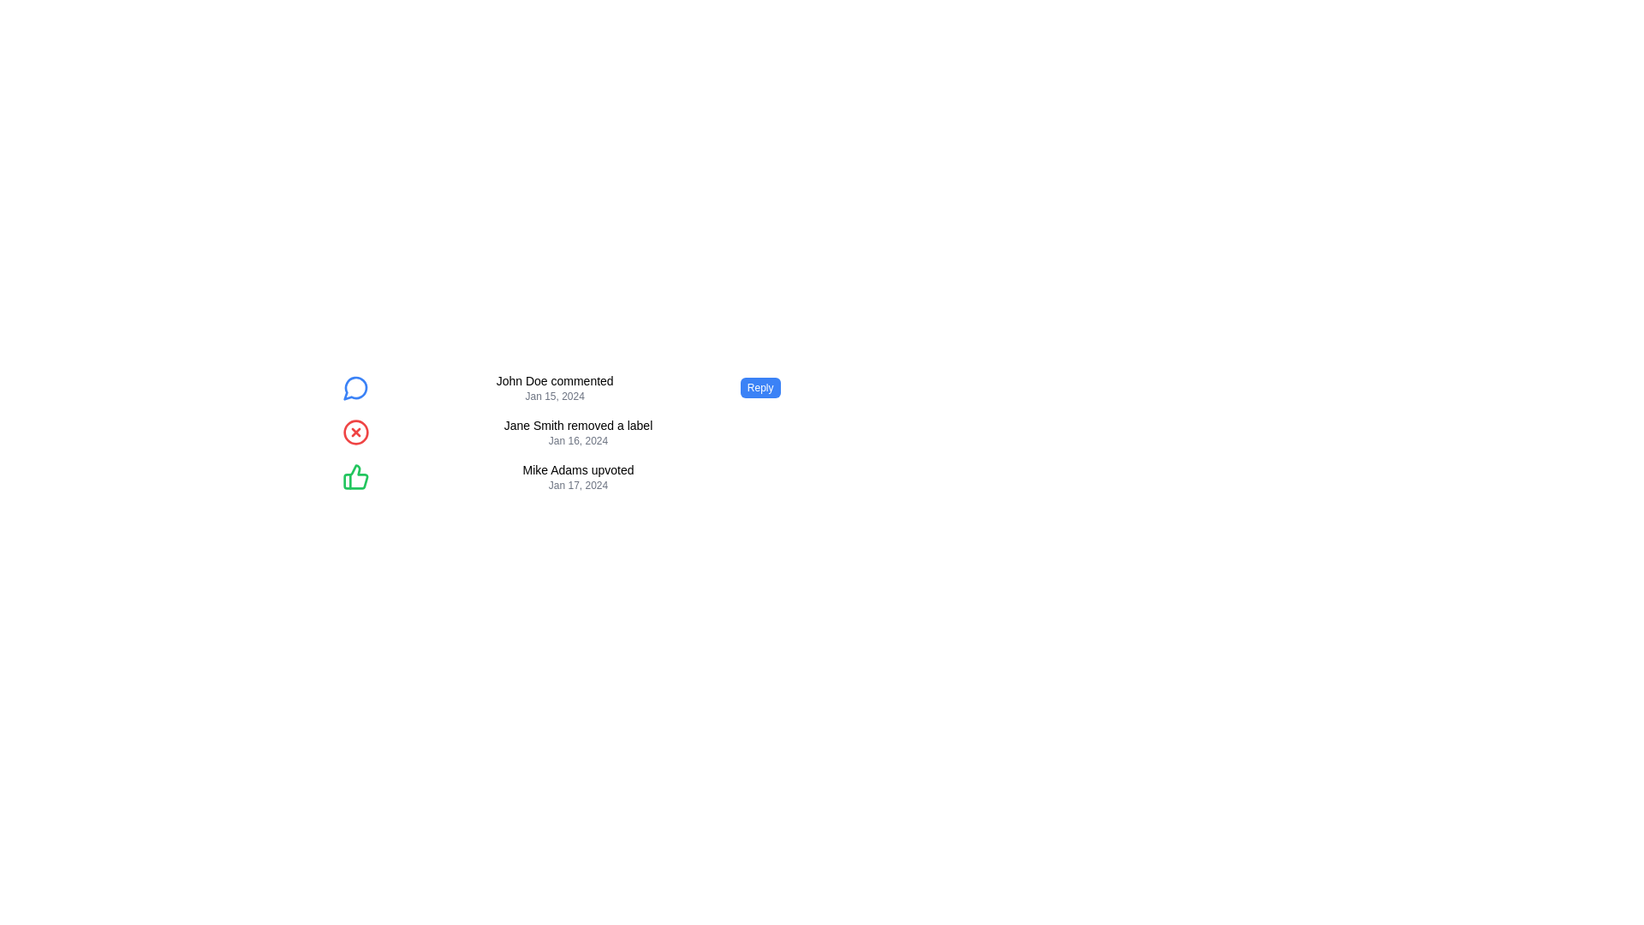 The width and height of the screenshot is (1644, 925). Describe the element at coordinates (555, 396) in the screenshot. I see `the timestamp text label located directly below 'John Doe commented' in the upper portion of the visible listing` at that location.